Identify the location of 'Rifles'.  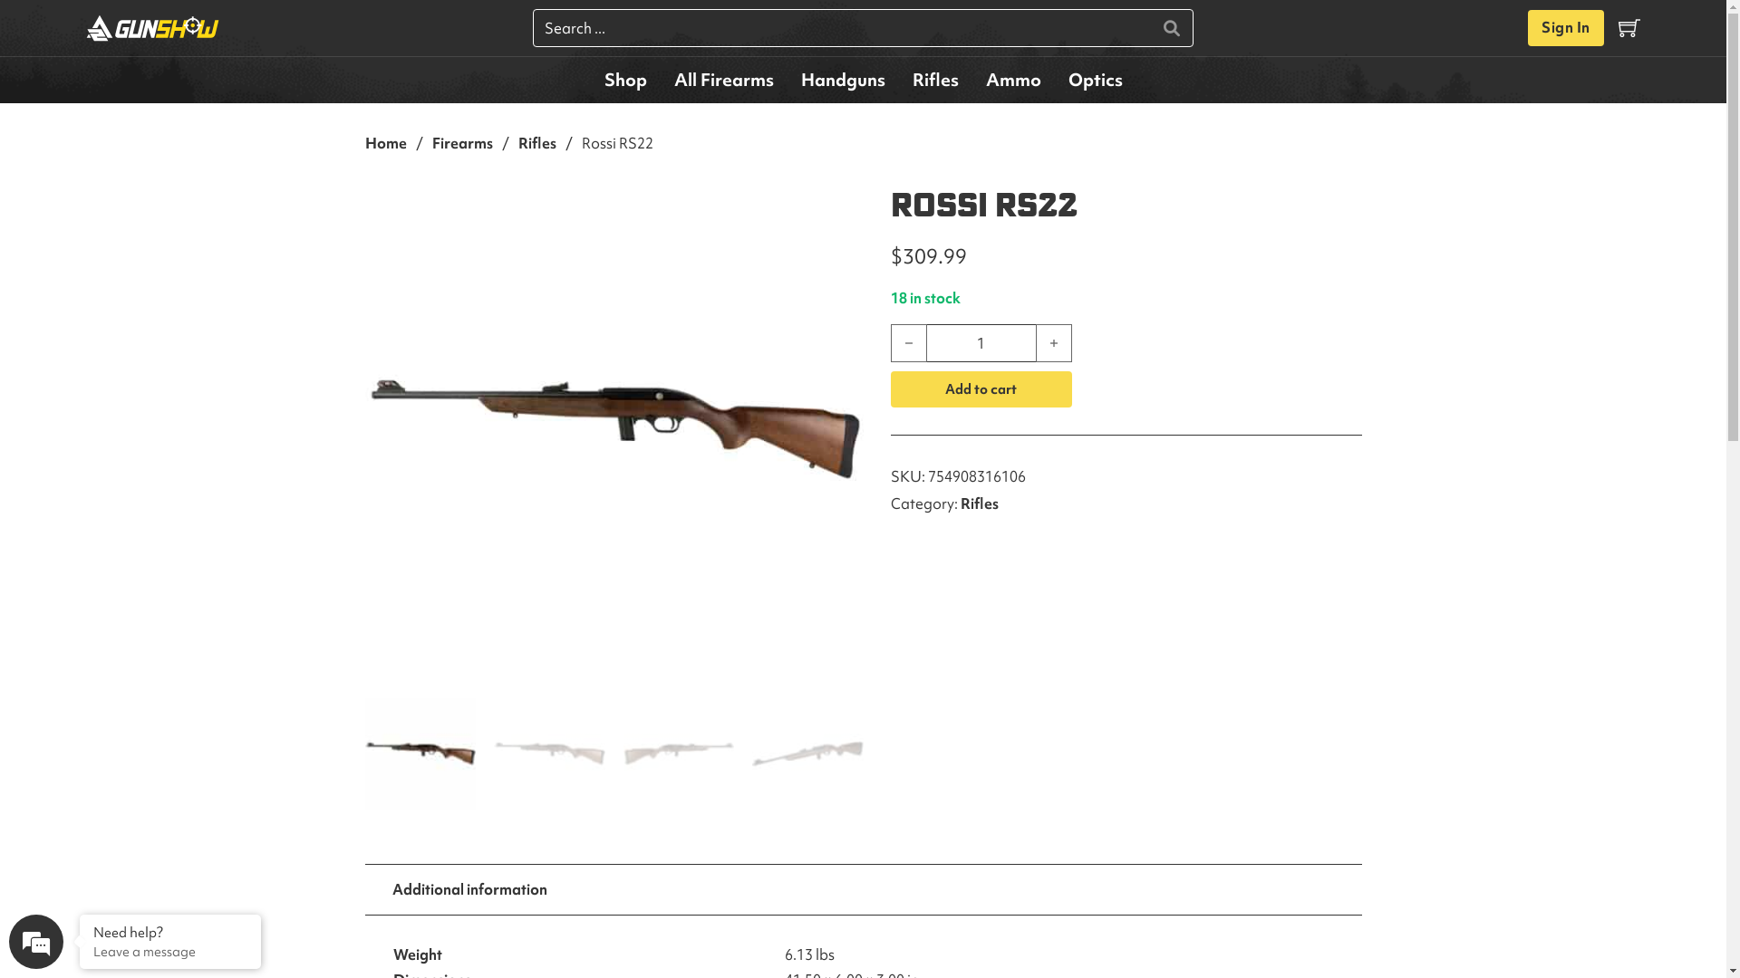
(978, 503).